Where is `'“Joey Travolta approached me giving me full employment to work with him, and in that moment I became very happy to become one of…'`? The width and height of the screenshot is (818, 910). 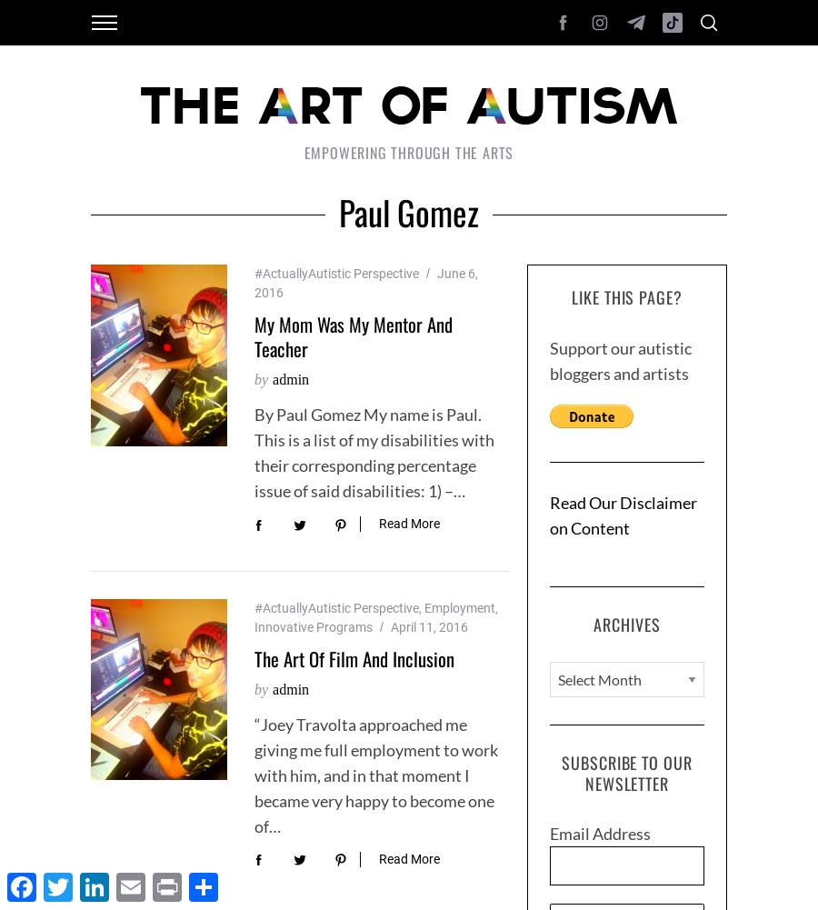
'“Joey Travolta approached me giving me full employment to work with him, and in that moment I became very happy to become one of…' is located at coordinates (376, 773).